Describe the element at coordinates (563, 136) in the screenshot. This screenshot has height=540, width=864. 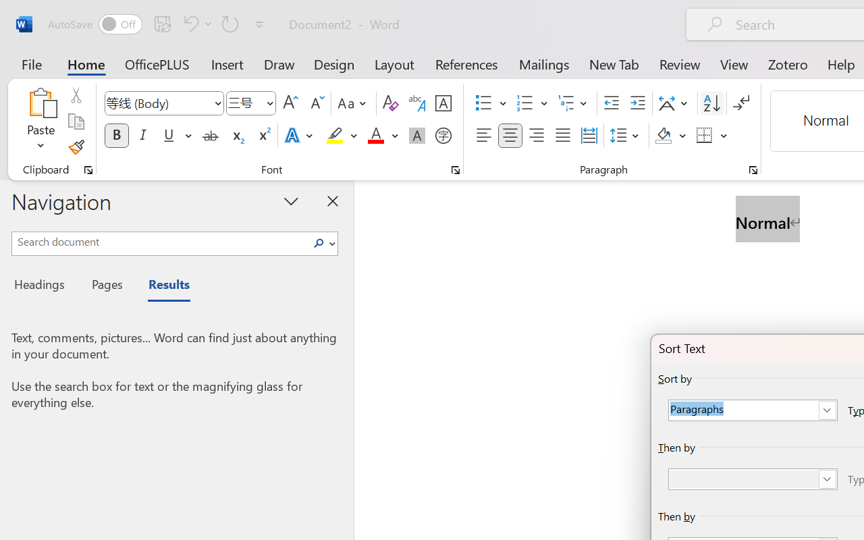
I see `'Justify'` at that location.